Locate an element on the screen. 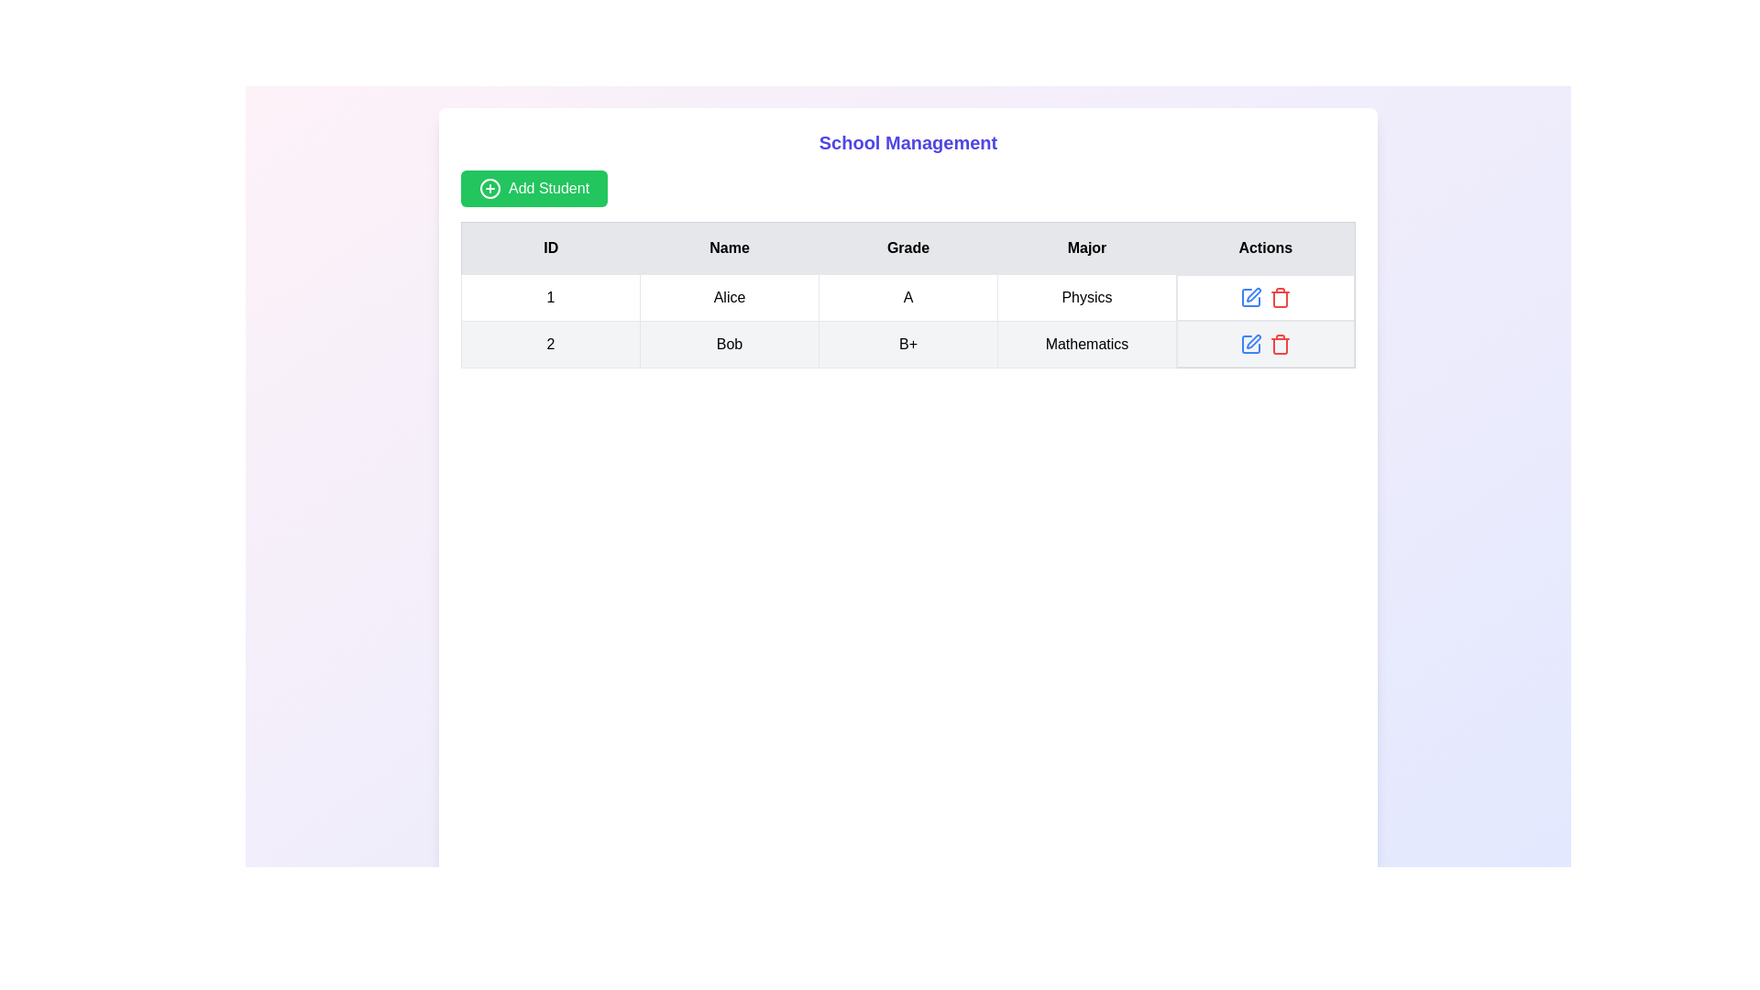  the second row of the table containing values '2', 'Bob', 'B+', 'Mathematics' is located at coordinates (907, 343).